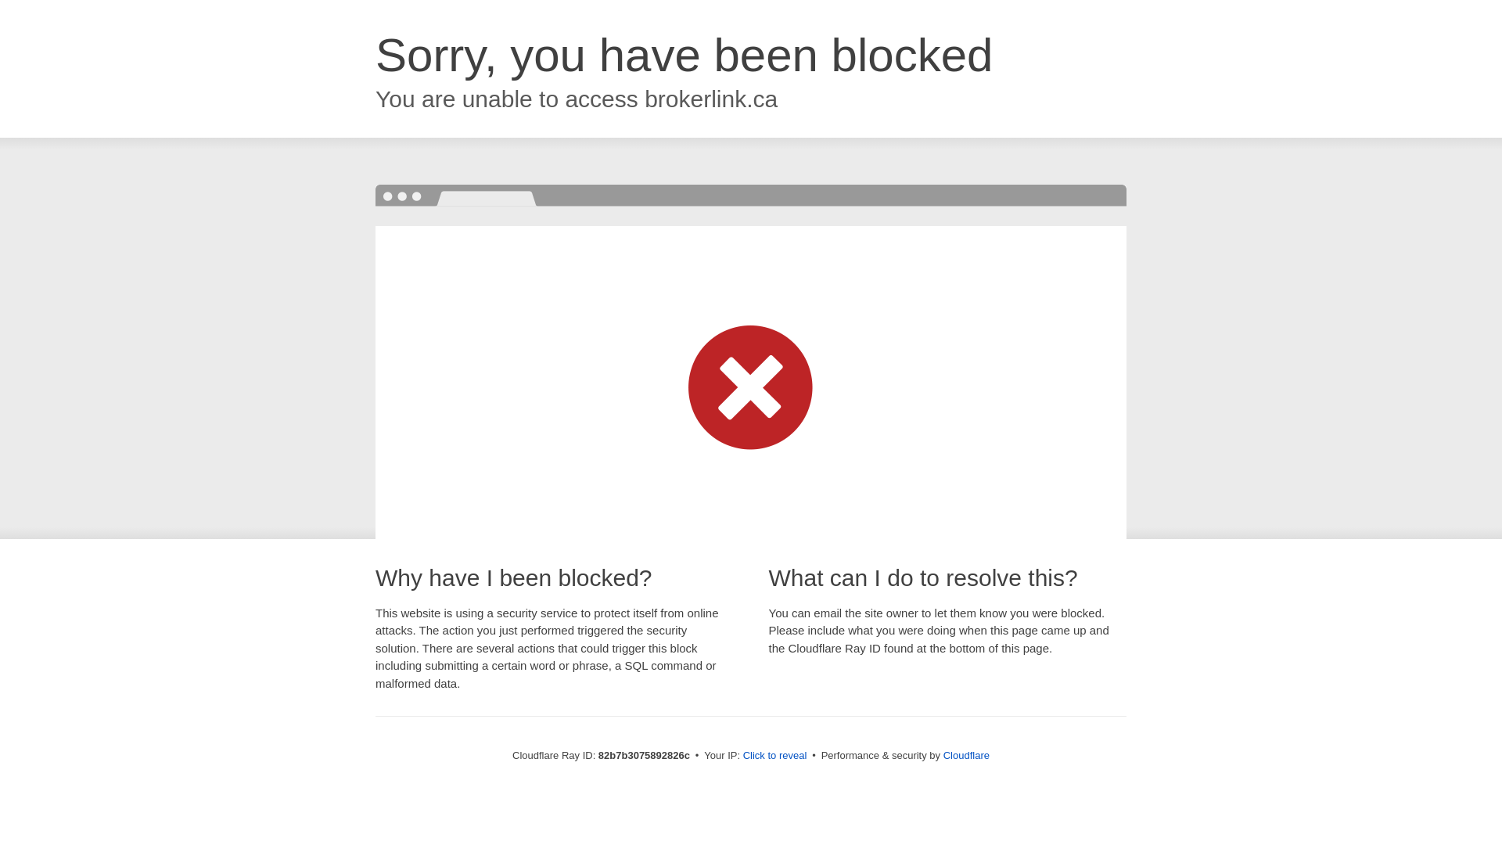 Image resolution: width=1502 pixels, height=845 pixels. Describe the element at coordinates (965, 754) in the screenshot. I see `'Cloudflare'` at that location.